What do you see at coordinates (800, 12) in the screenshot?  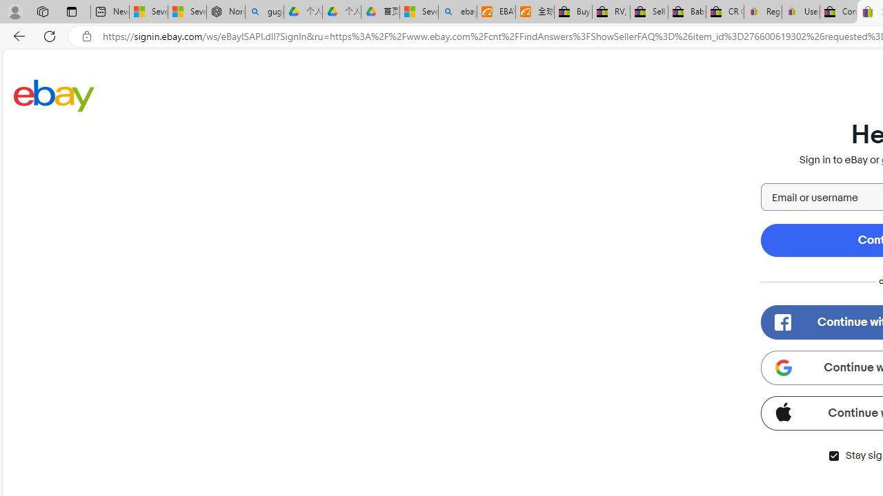 I see `'User Privacy Notice | eBay'` at bounding box center [800, 12].